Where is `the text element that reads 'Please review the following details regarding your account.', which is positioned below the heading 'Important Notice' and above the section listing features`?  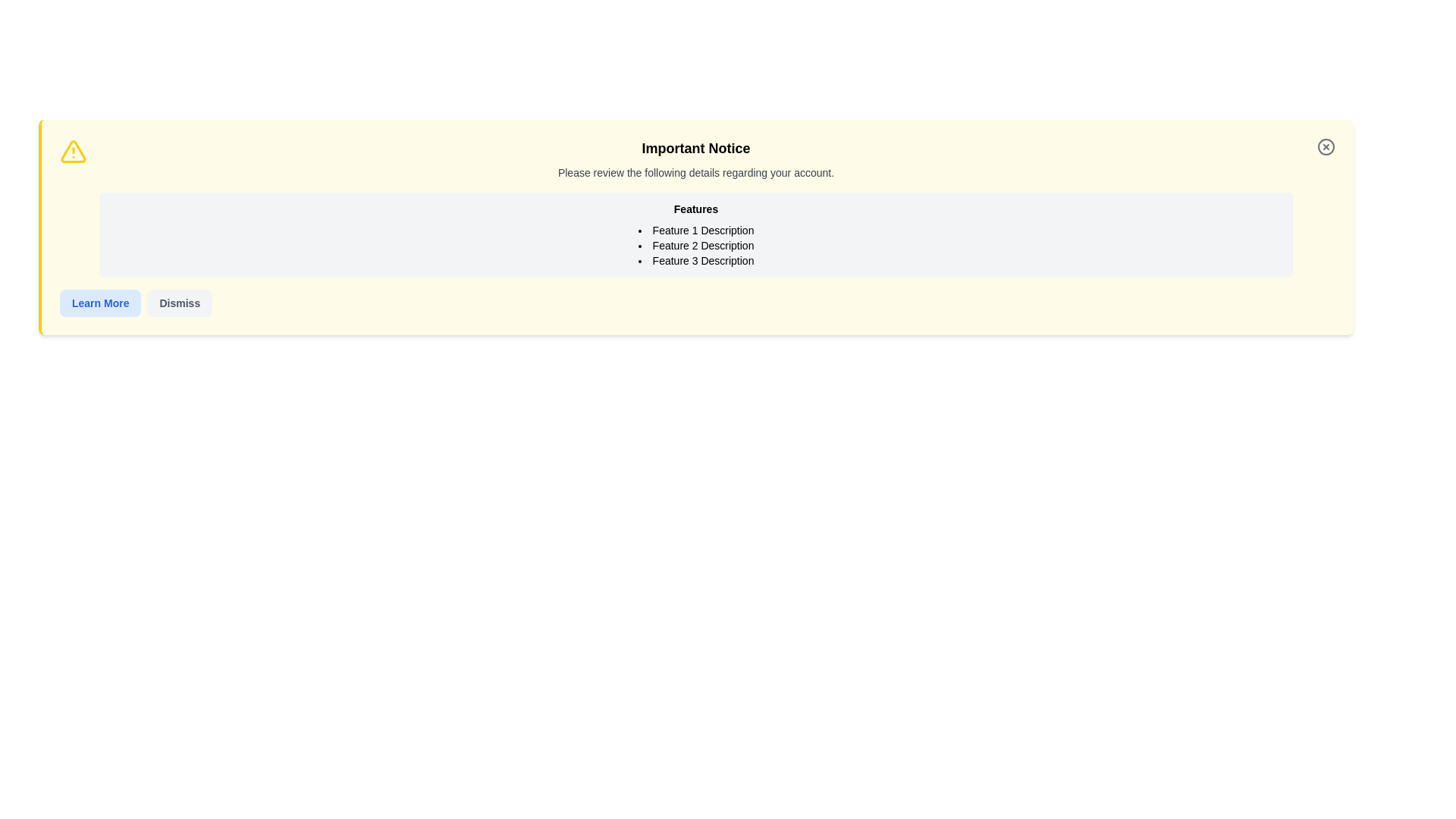 the text element that reads 'Please review the following details regarding your account.', which is positioned below the heading 'Important Notice' and above the section listing features is located at coordinates (695, 171).